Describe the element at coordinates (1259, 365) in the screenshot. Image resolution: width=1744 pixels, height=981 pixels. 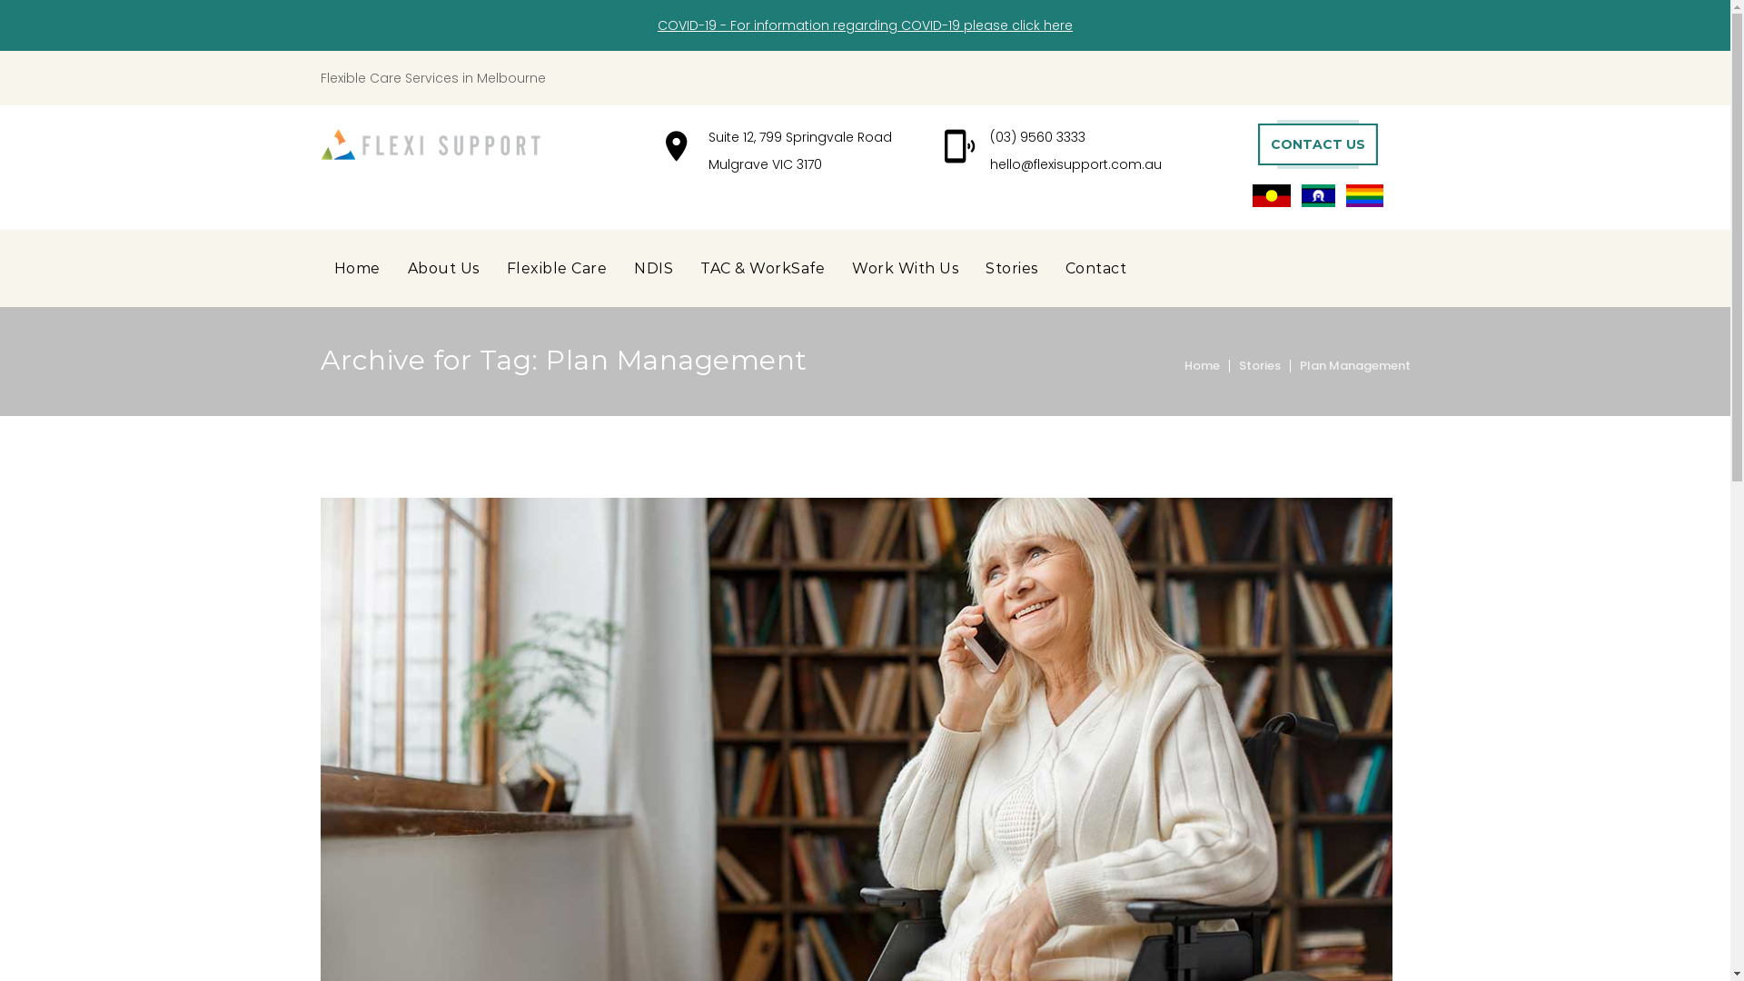
I see `'Stories'` at that location.